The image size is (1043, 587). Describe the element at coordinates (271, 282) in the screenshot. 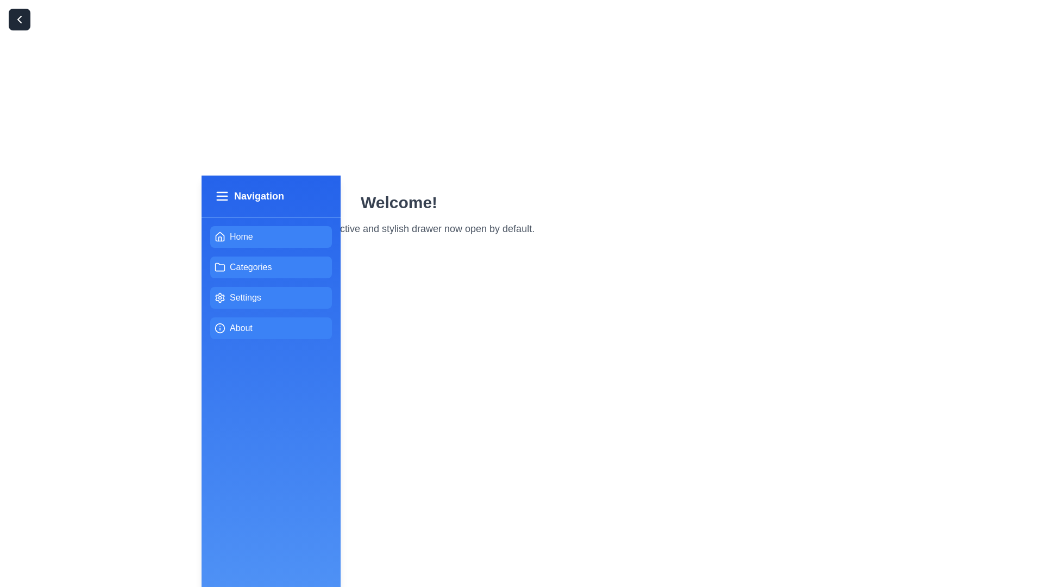

I see `the 'Categories' button in the navigation sidebar` at that location.